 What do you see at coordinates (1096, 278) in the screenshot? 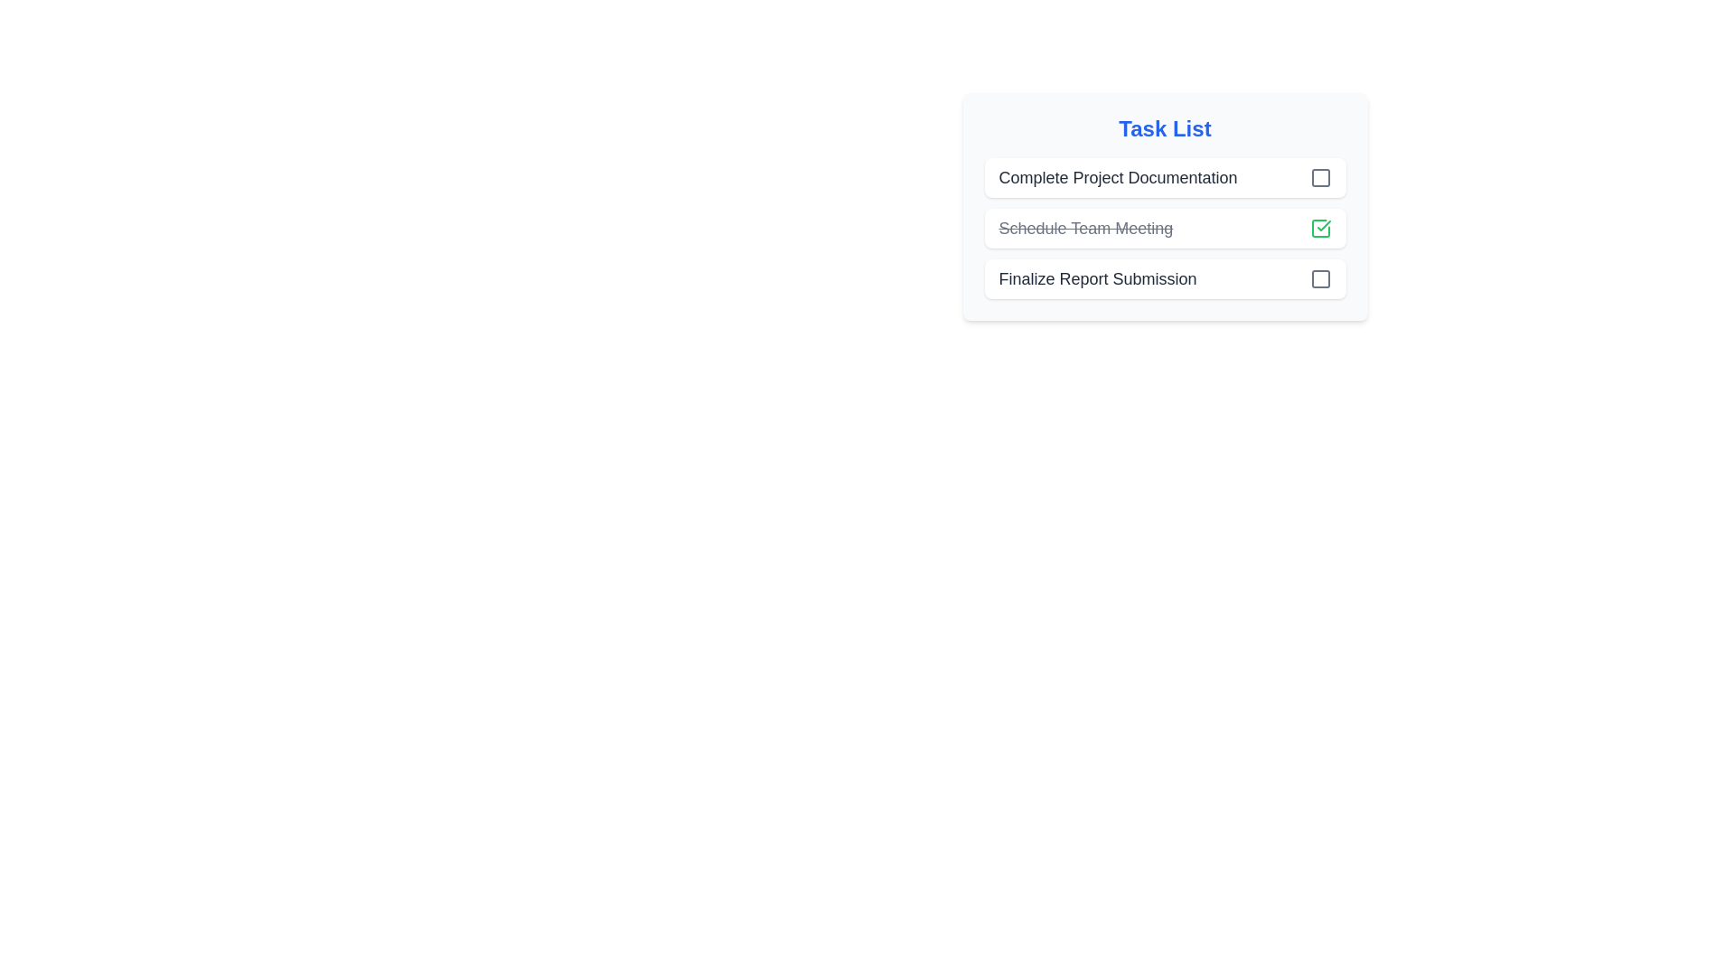
I see `the text label reading 'Finalize Report Submission', which is located in the third row of the task list, to the left of a checkbox` at bounding box center [1096, 278].